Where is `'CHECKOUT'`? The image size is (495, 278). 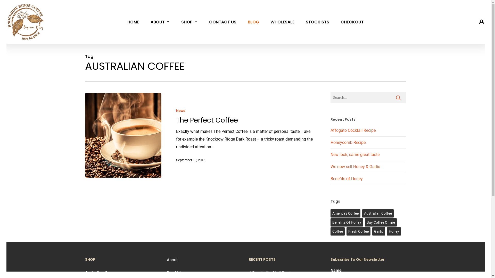
'CHECKOUT' is located at coordinates (352, 21).